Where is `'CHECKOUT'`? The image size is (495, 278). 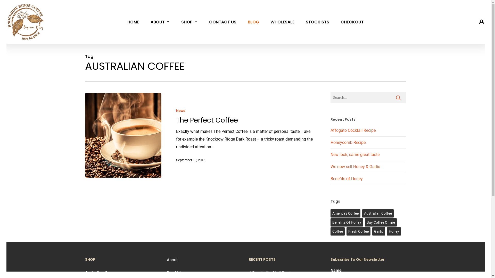
'CHECKOUT' is located at coordinates (352, 21).